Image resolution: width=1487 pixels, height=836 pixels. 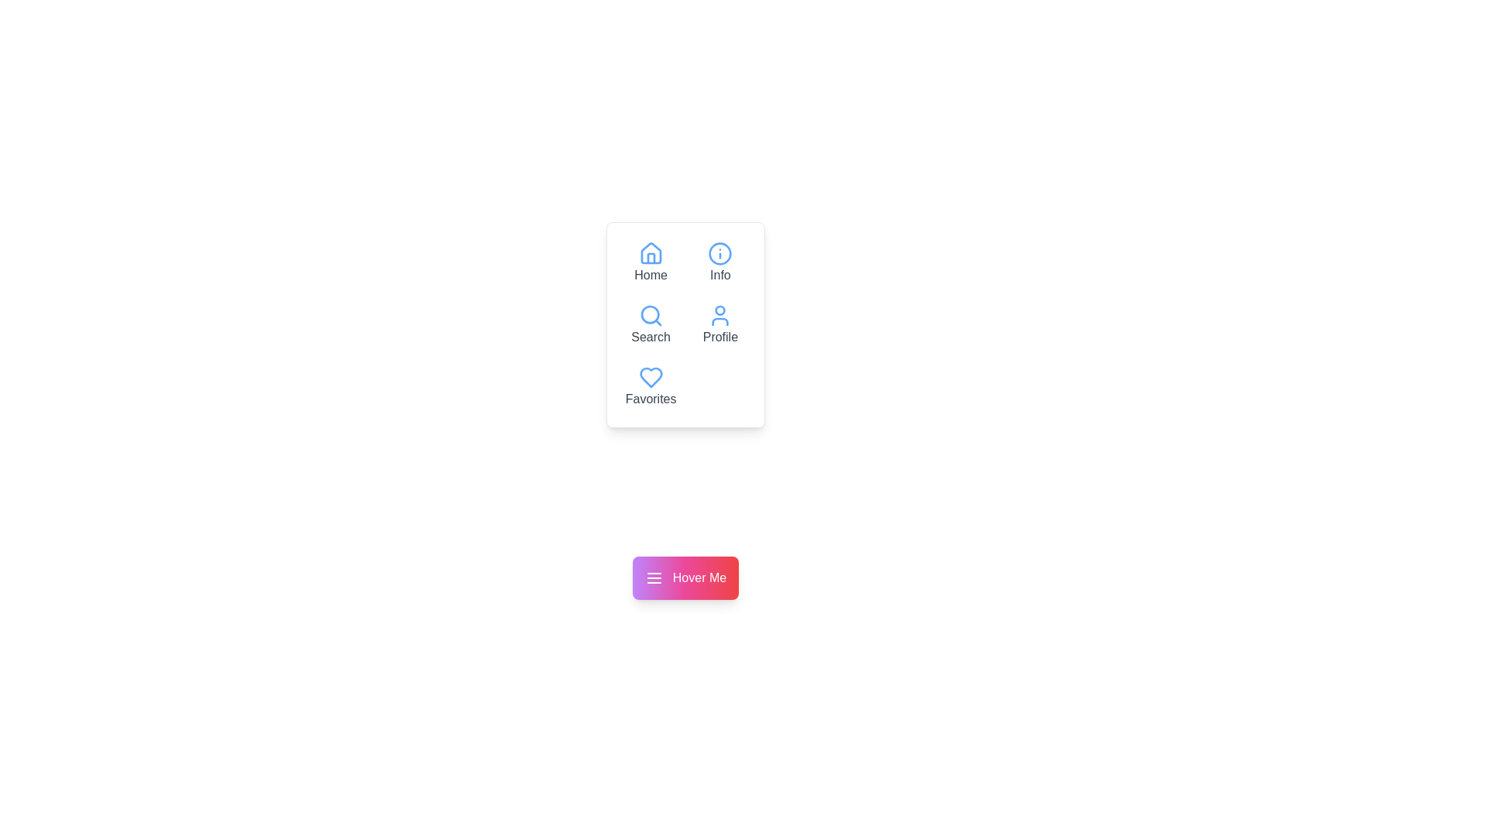 What do you see at coordinates (719, 252) in the screenshot?
I see `the SVG circle that forms part of the 'Info' icon located in the top-right corner of the navigation card` at bounding box center [719, 252].